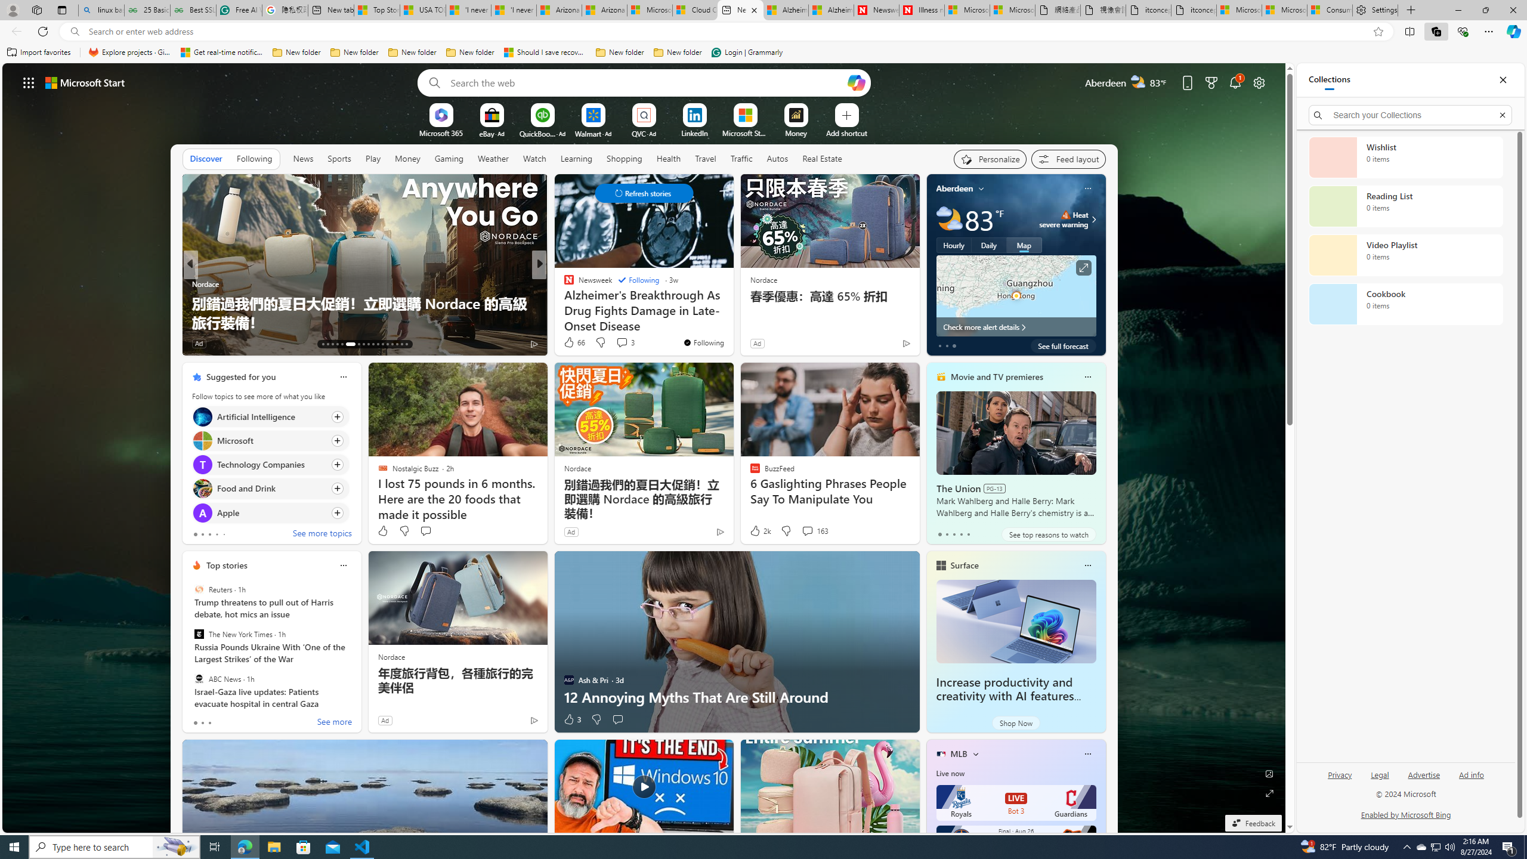 The width and height of the screenshot is (1527, 859). I want to click on 'View comments 163 Comment', so click(814, 530).